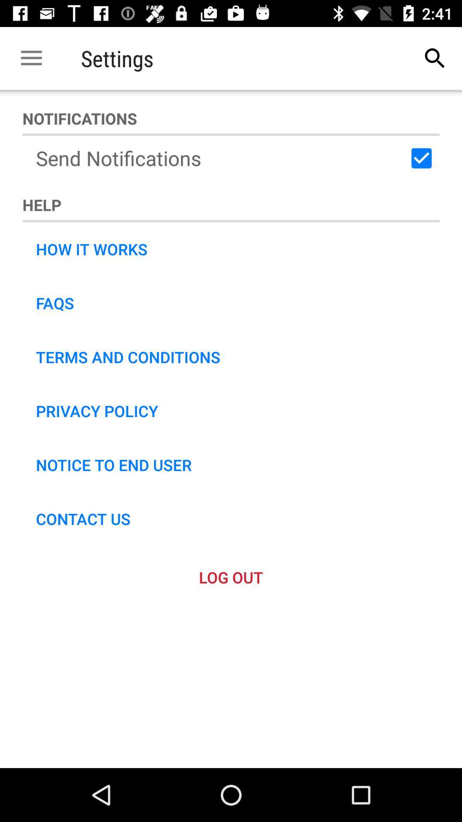 The width and height of the screenshot is (462, 822). Describe the element at coordinates (96, 411) in the screenshot. I see `the icon below the terms and conditions item` at that location.